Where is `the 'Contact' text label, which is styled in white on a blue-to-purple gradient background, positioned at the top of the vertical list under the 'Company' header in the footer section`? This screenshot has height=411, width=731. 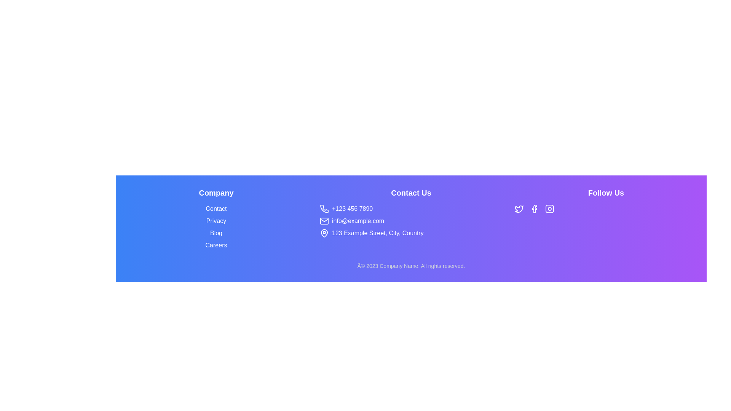 the 'Contact' text label, which is styled in white on a blue-to-purple gradient background, positioned at the top of the vertical list under the 'Company' header in the footer section is located at coordinates (215, 209).